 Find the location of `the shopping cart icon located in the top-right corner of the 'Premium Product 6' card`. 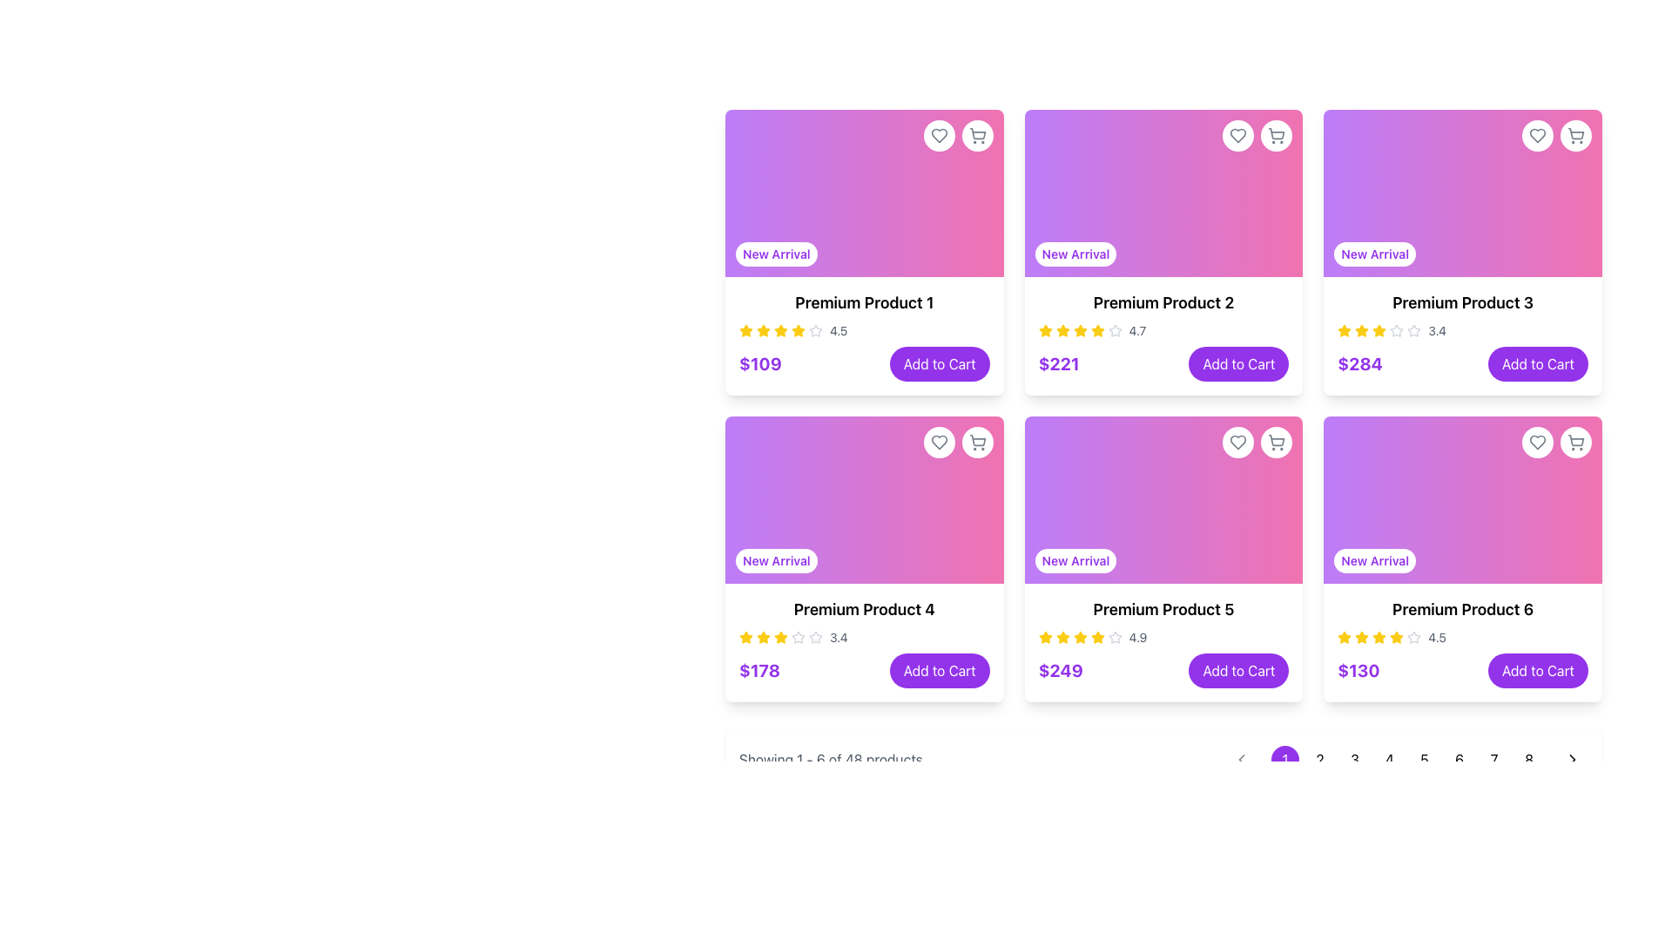

the shopping cart icon located in the top-right corner of the 'Premium Product 6' card is located at coordinates (1575, 442).